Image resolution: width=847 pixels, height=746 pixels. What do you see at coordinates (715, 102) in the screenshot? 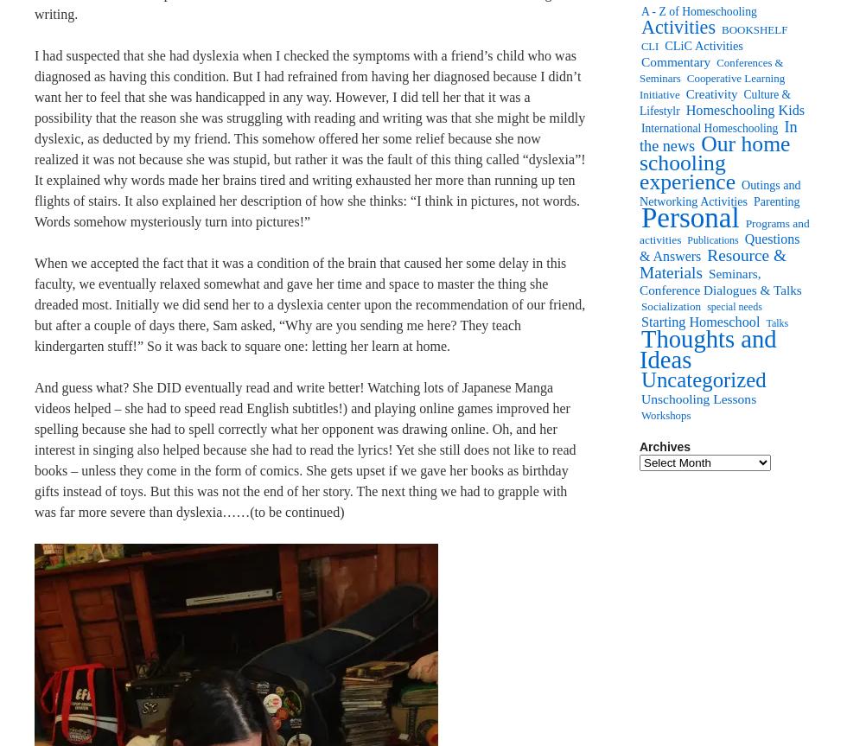
I see `'Culture & Lifestylr'` at bounding box center [715, 102].